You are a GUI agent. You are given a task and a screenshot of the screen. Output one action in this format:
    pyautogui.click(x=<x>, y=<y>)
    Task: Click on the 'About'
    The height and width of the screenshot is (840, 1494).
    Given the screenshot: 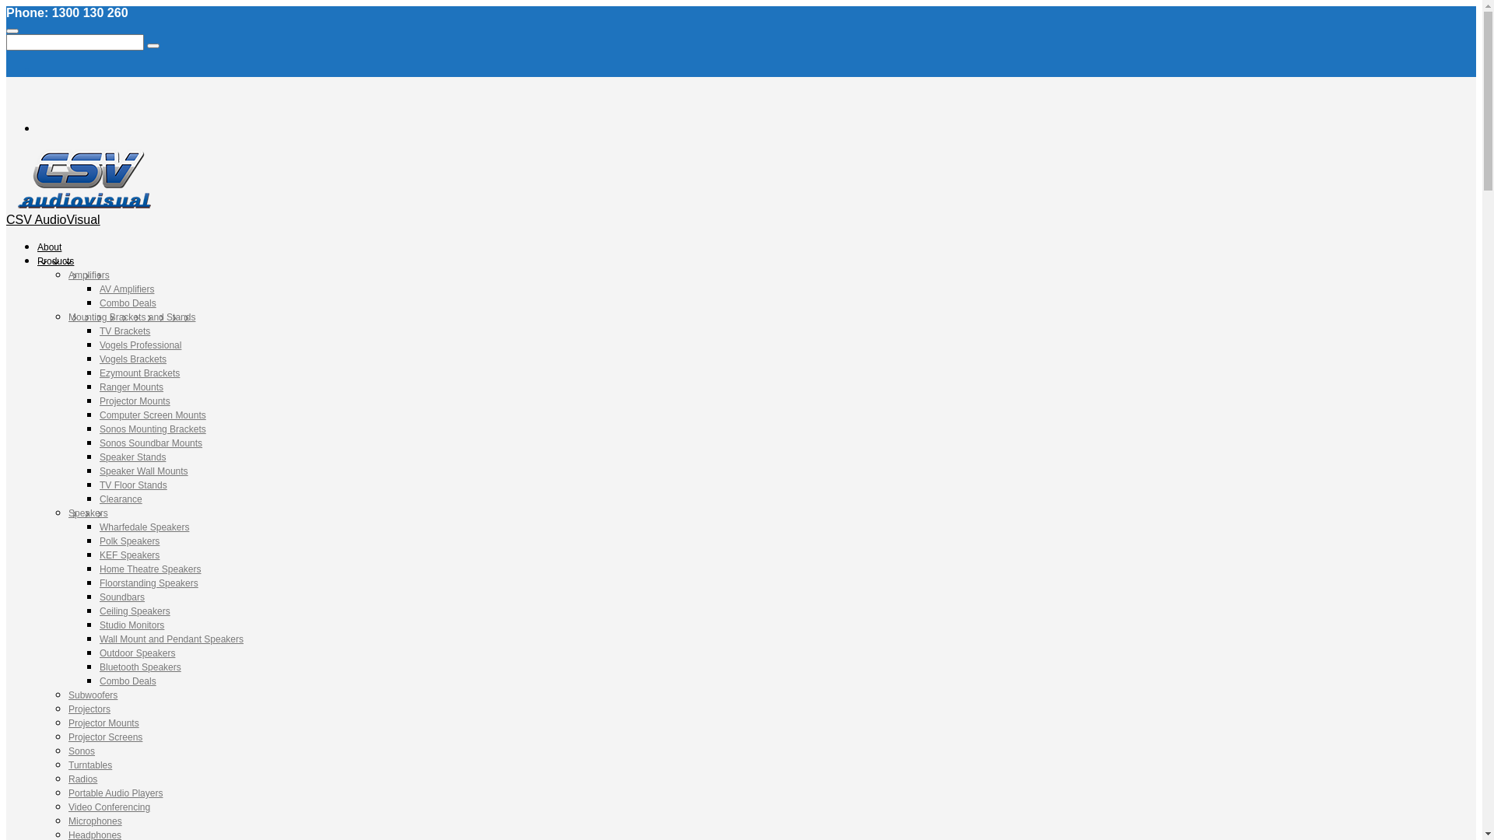 What is the action you would take?
    pyautogui.click(x=49, y=246)
    